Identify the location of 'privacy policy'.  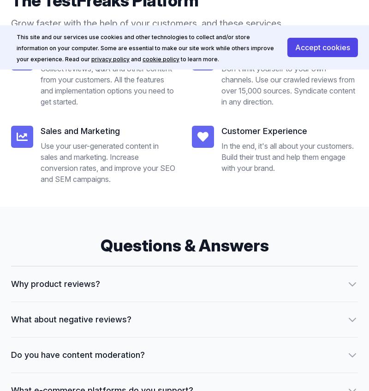
(110, 58).